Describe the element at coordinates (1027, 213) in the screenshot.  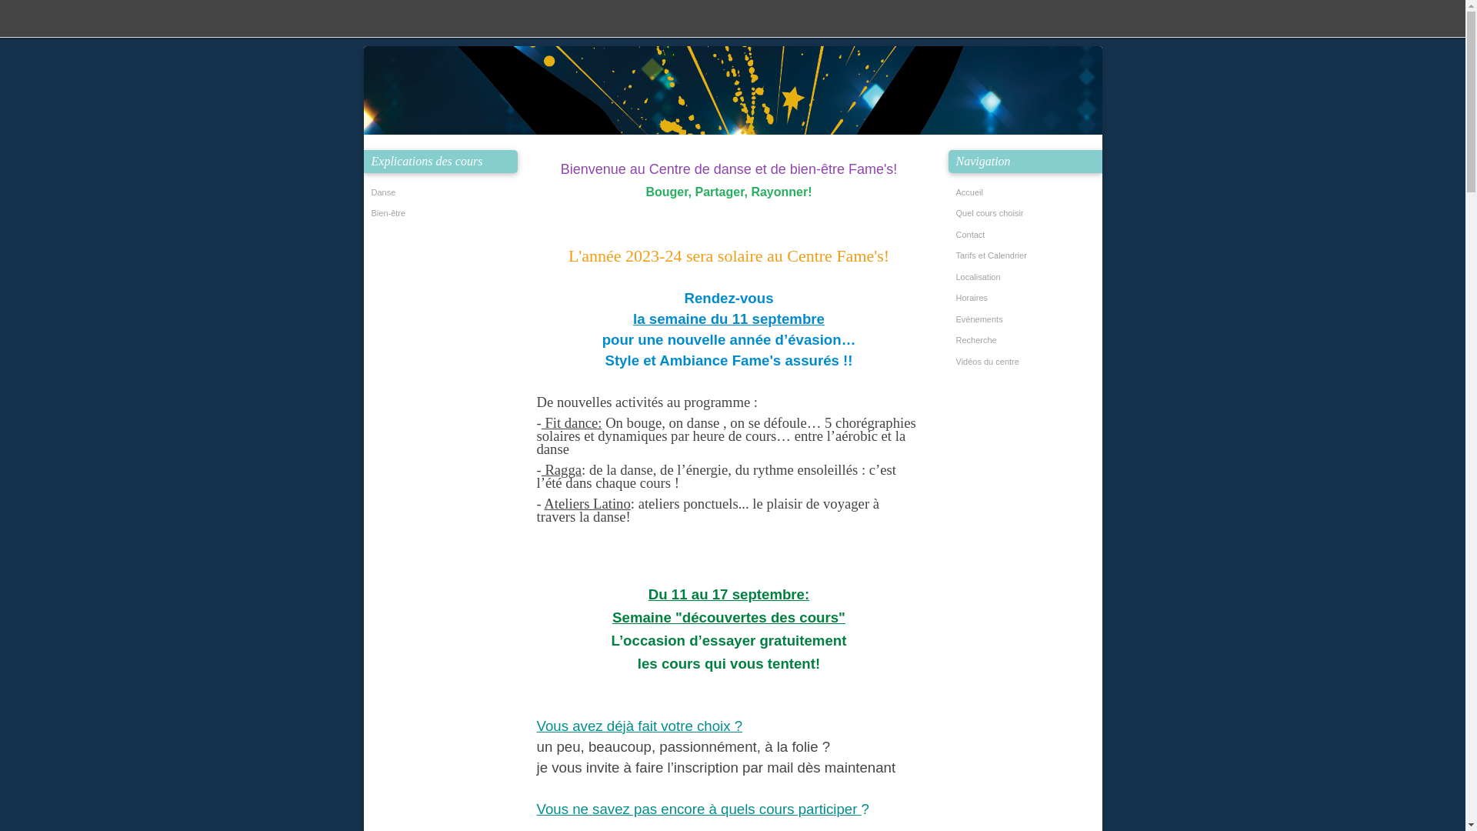
I see `'Quel cours choisir'` at that location.